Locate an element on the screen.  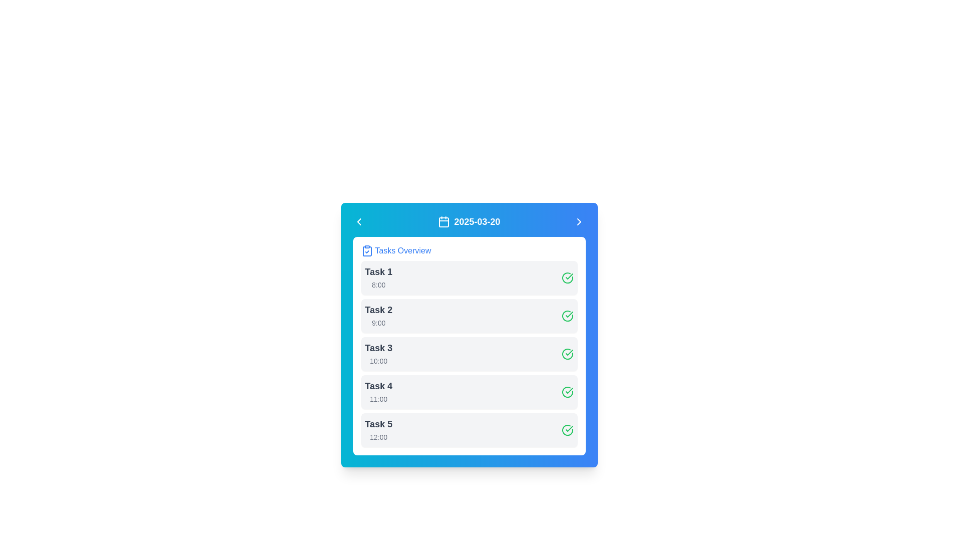
the third checkmark icon indicating the completion status of 'Task 3', positioned to the far right of the row that includes the text '10:00' is located at coordinates (567, 353).